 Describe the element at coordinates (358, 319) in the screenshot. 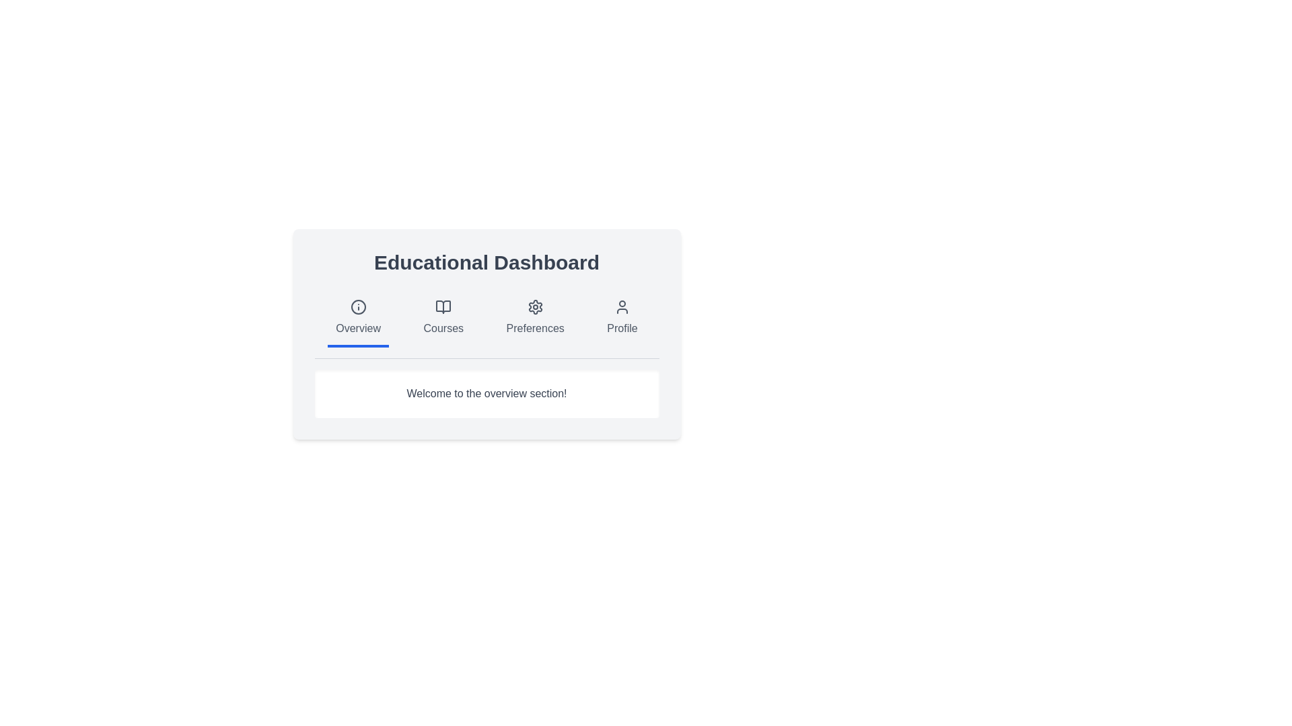

I see `the active Tab Button with an 'i' symbol and 'Overview' text` at that location.